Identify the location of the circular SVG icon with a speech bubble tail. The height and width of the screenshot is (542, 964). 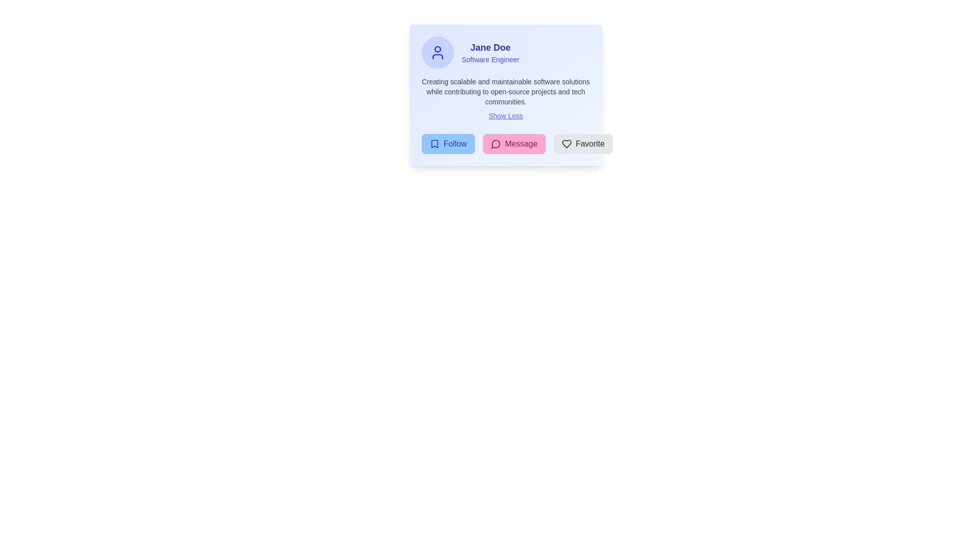
(496, 144).